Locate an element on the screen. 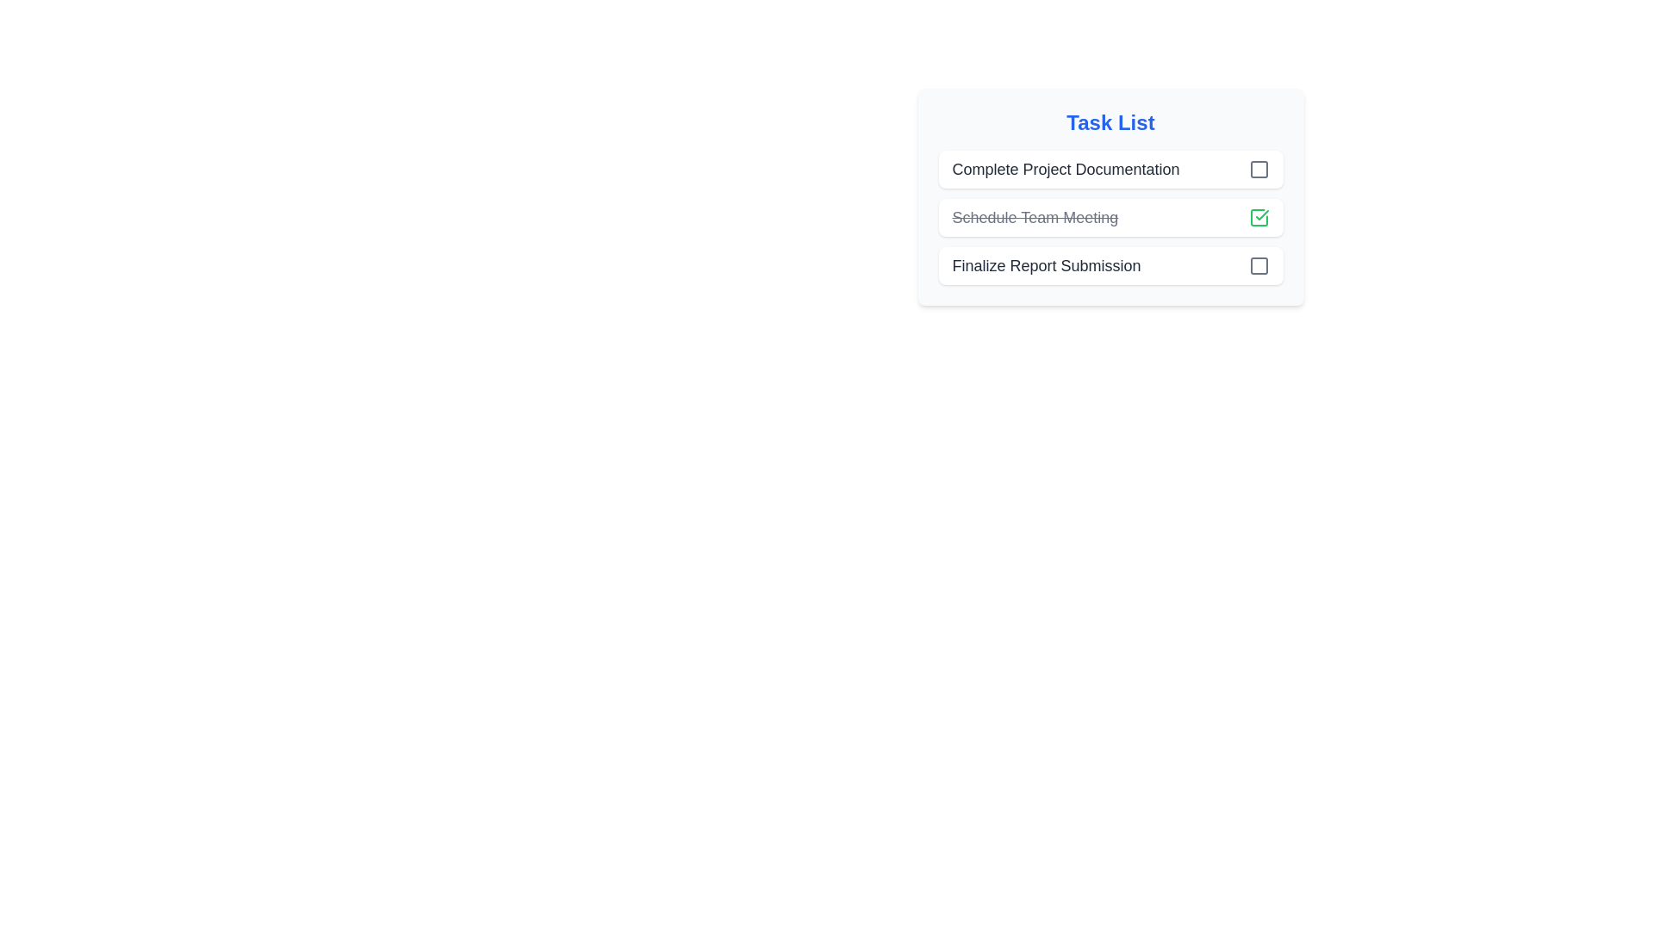 The width and height of the screenshot is (1654, 930). the green checkmark graphic icon located to the right of the 'Schedule Team Meeting' task in the task list interface is located at coordinates (1261, 214).